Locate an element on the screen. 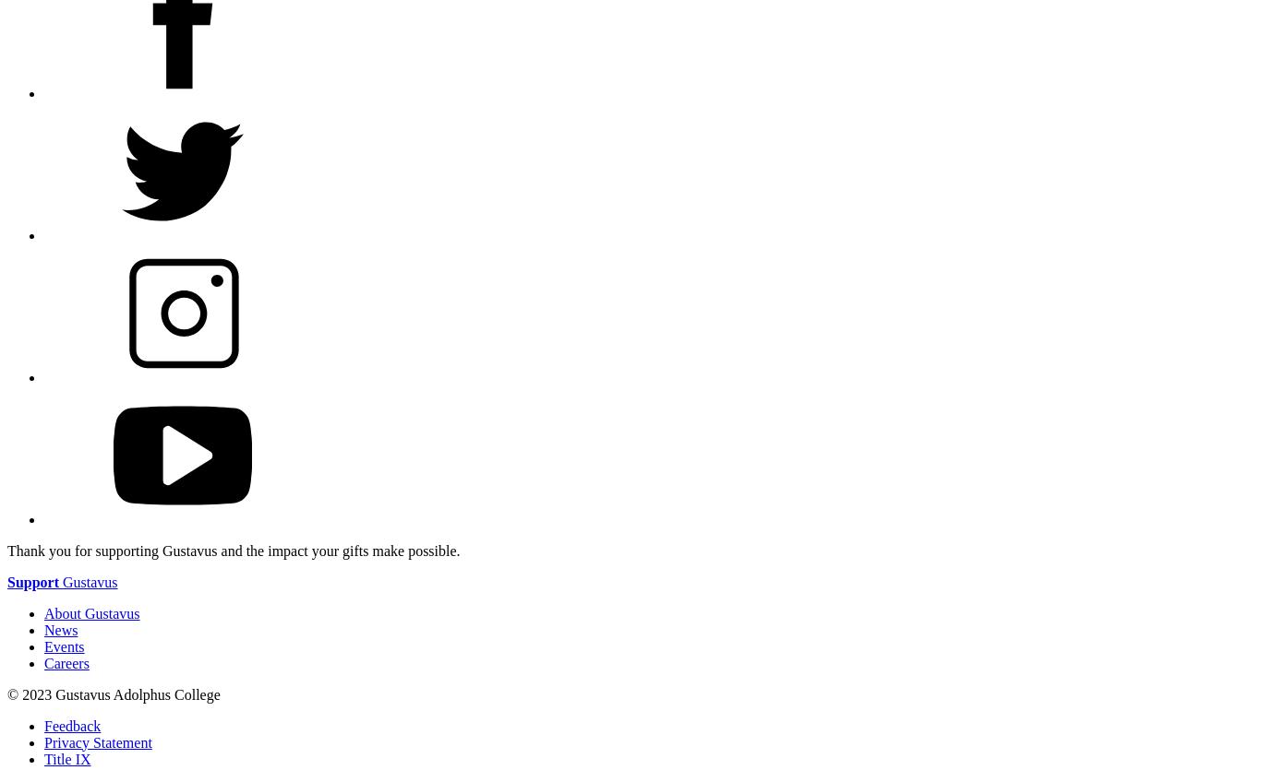  'Gustavus' is located at coordinates (88, 581).